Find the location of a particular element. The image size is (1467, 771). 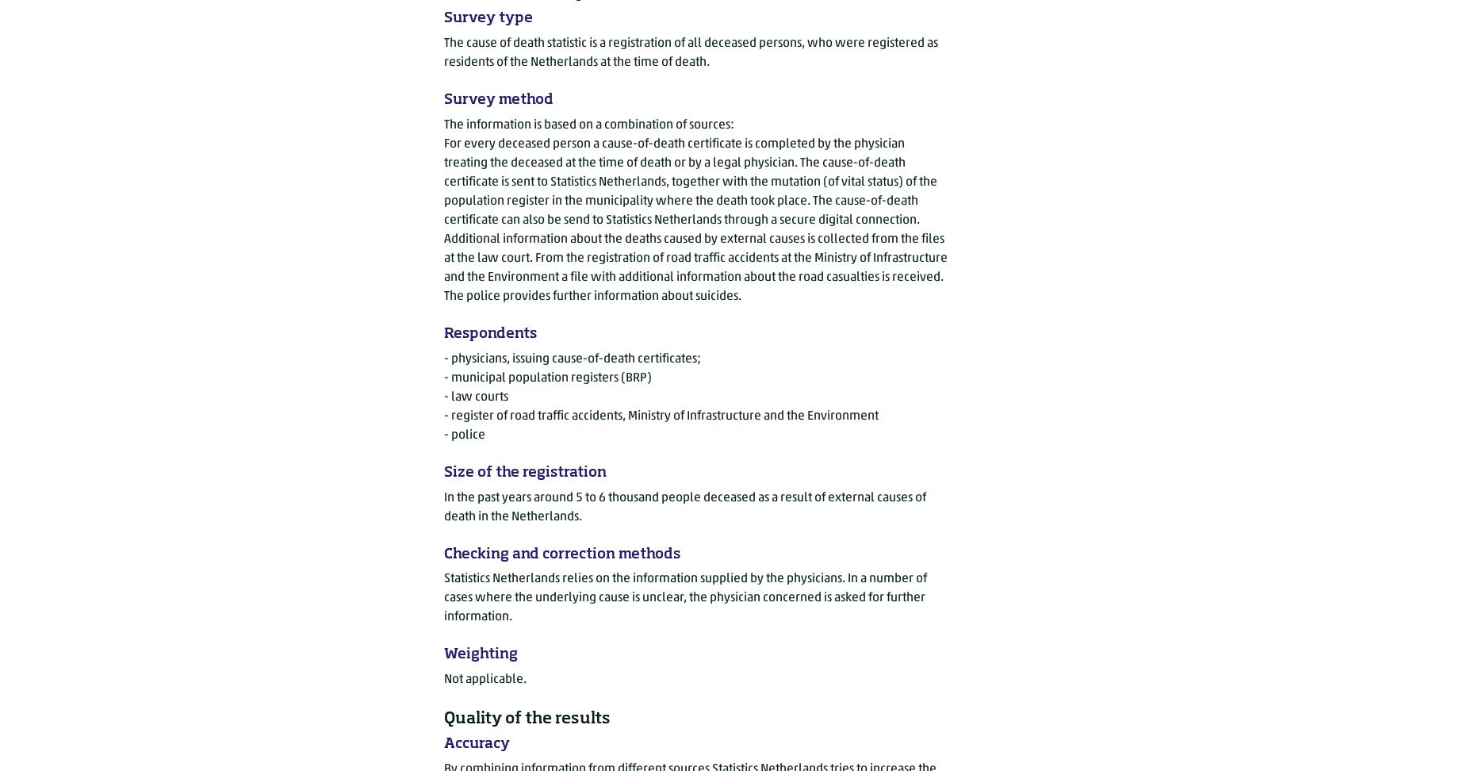

'- municipal population registers (BRP)' is located at coordinates (547, 376).